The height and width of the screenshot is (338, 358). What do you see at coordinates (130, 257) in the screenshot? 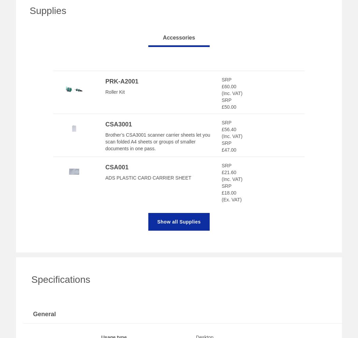
I see `'Translate with Google'` at bounding box center [130, 257].